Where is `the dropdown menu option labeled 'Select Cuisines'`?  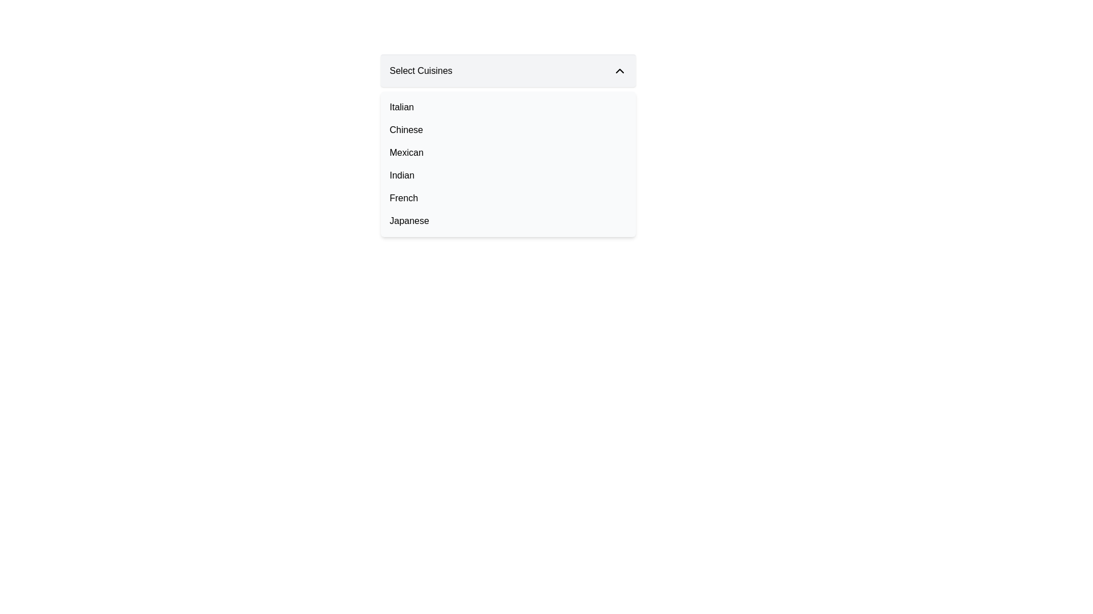 the dropdown menu option labeled 'Select Cuisines' is located at coordinates (401, 107).